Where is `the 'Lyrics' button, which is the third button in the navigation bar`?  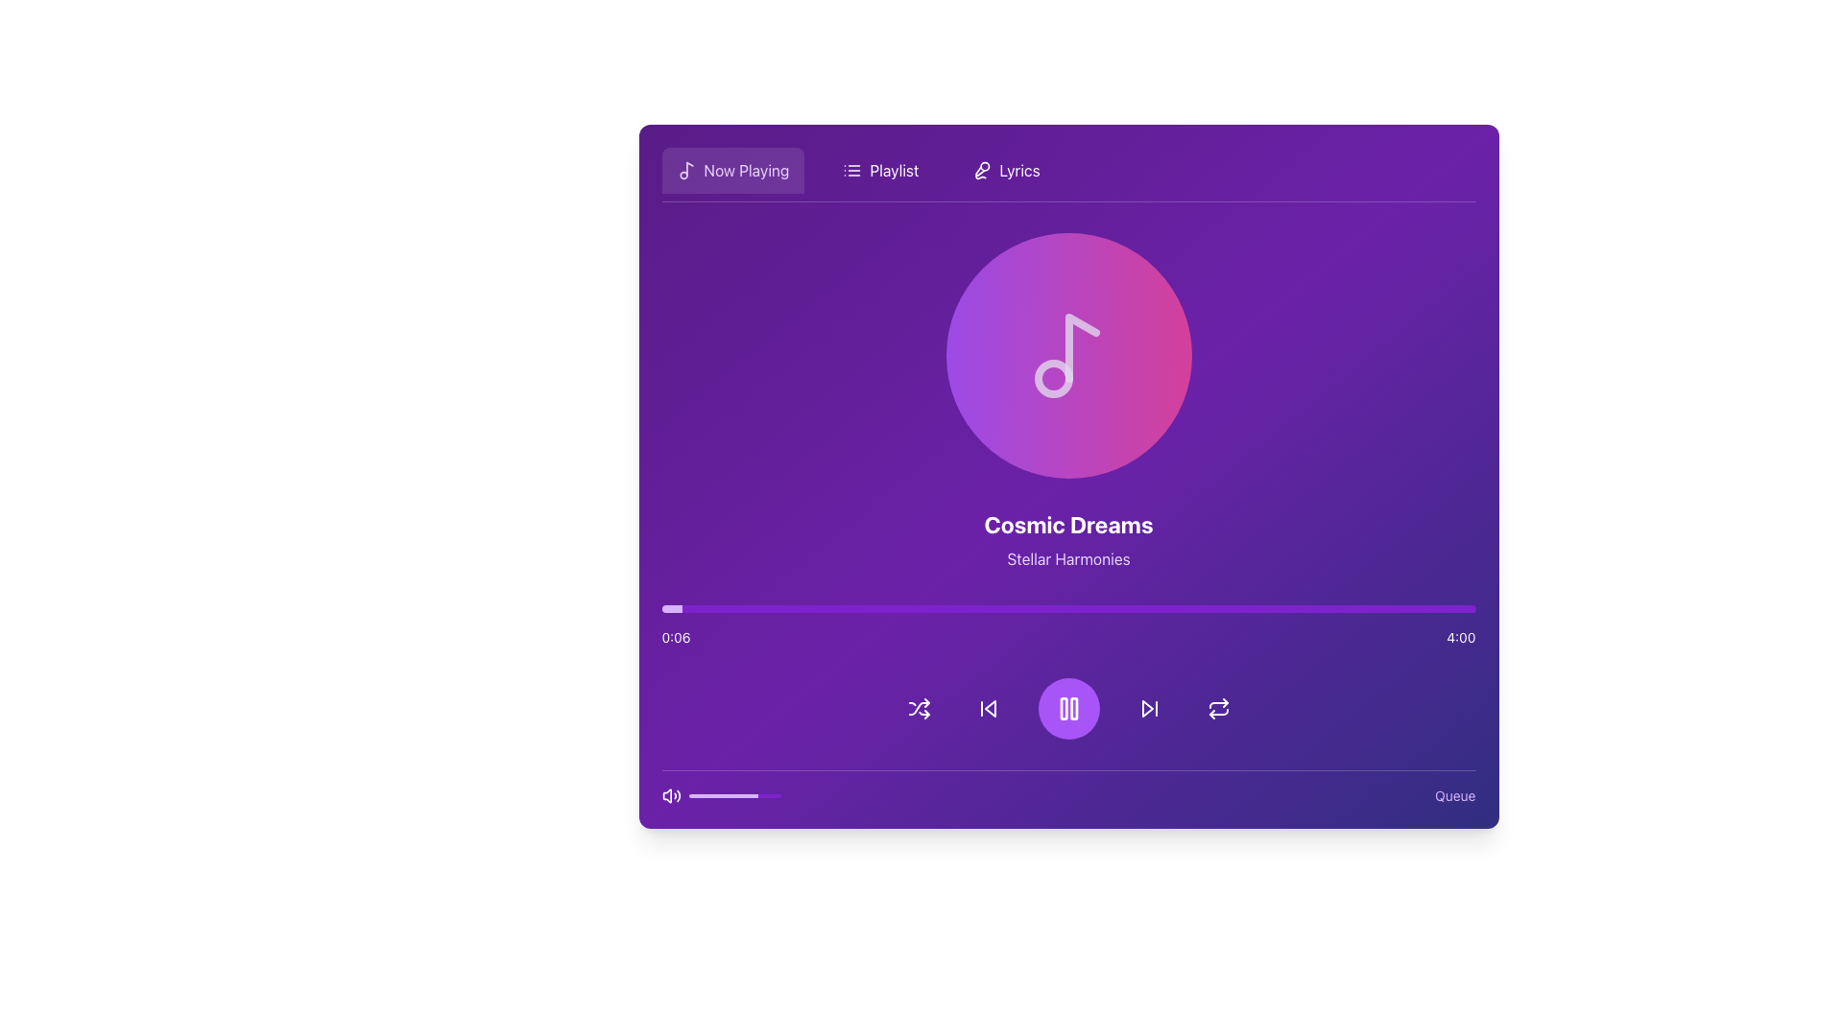 the 'Lyrics' button, which is the third button in the navigation bar is located at coordinates (1005, 169).